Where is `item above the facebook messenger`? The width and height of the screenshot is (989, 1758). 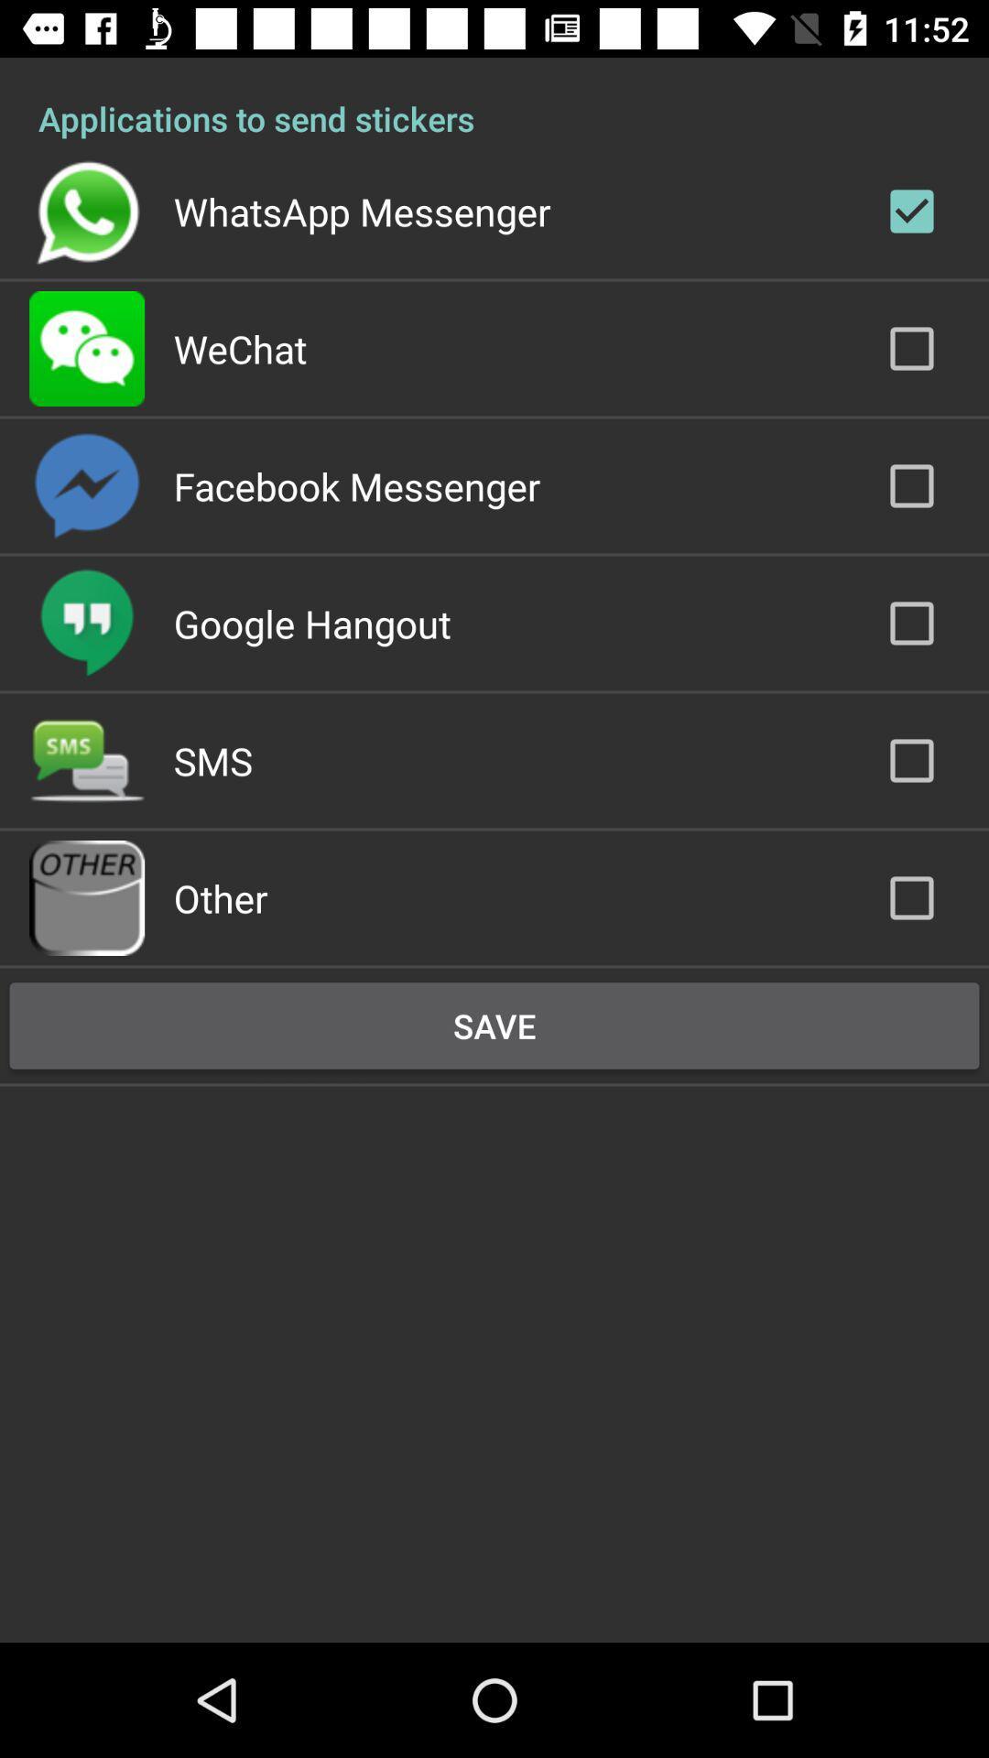 item above the facebook messenger is located at coordinates (239, 348).